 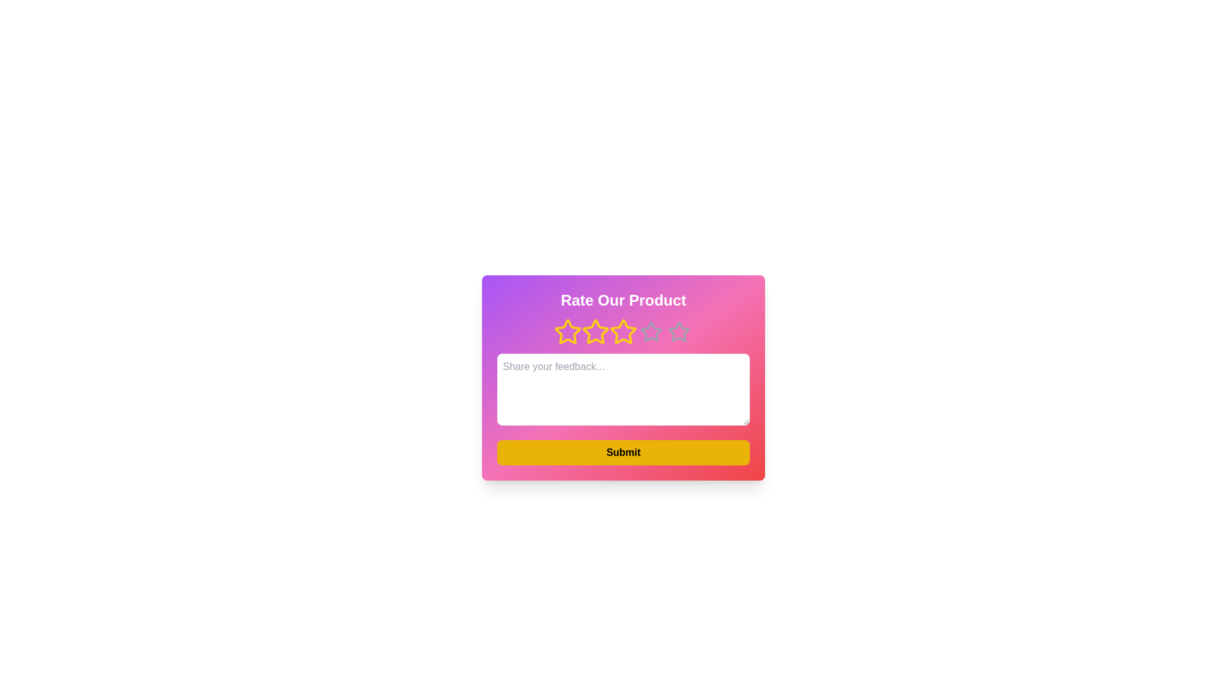 What do you see at coordinates (624, 452) in the screenshot?
I see `the submission button located at the bottom of the feedback card to observe the hover effect` at bounding box center [624, 452].